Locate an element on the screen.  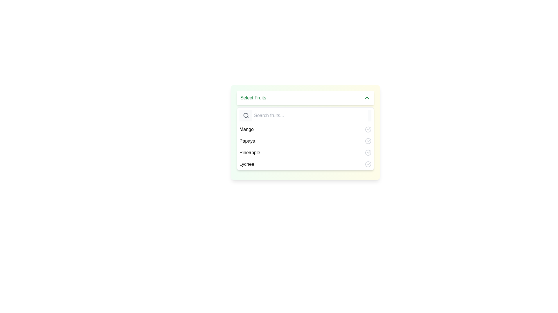
the icon styled as a thin circular outline with a check mark within it, located to the far right of the 'Pineapple' list item in the 'Select Fruits' dropdown list is located at coordinates (368, 152).